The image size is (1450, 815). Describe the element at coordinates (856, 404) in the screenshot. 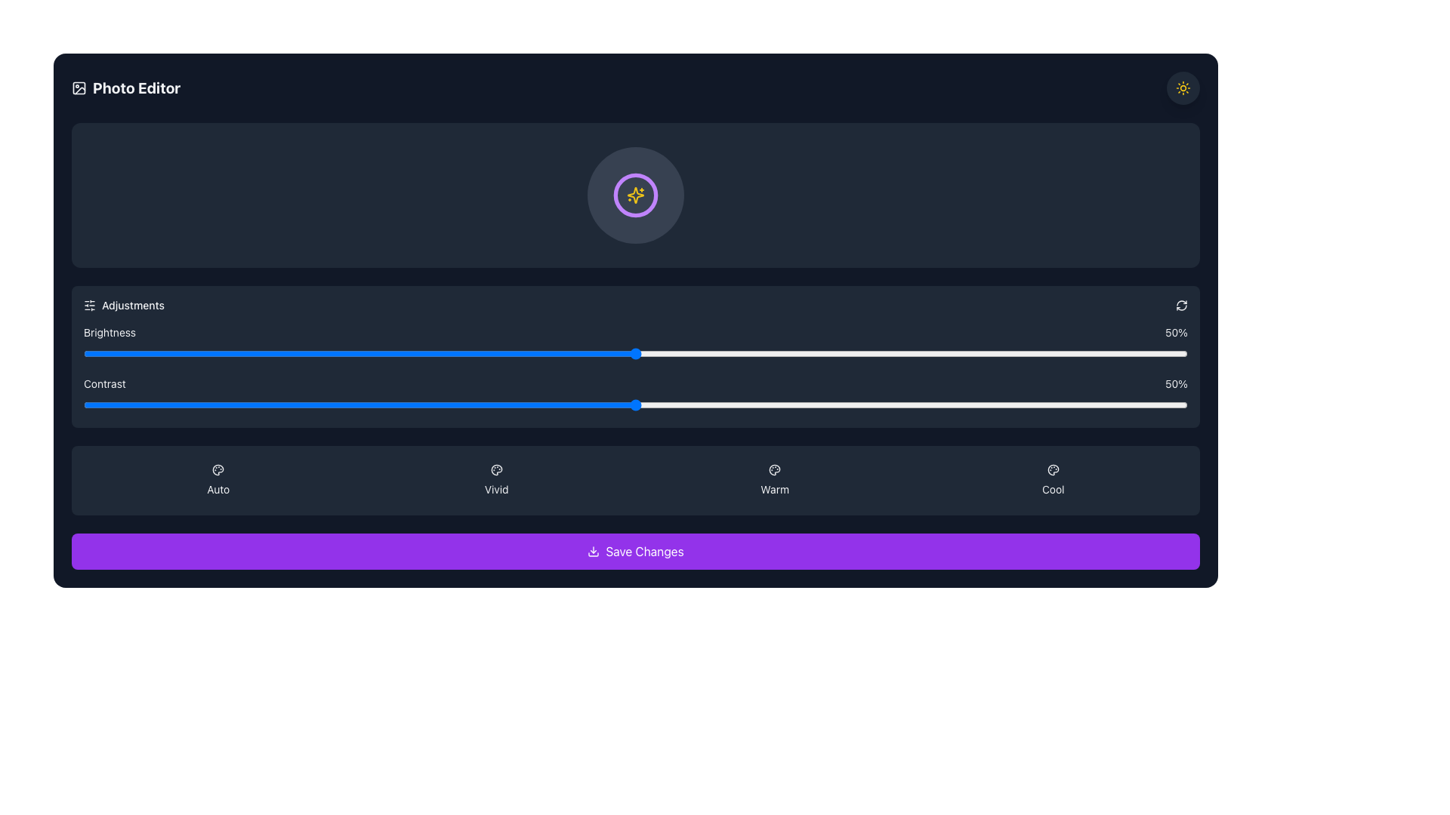

I see `contrast` at that location.